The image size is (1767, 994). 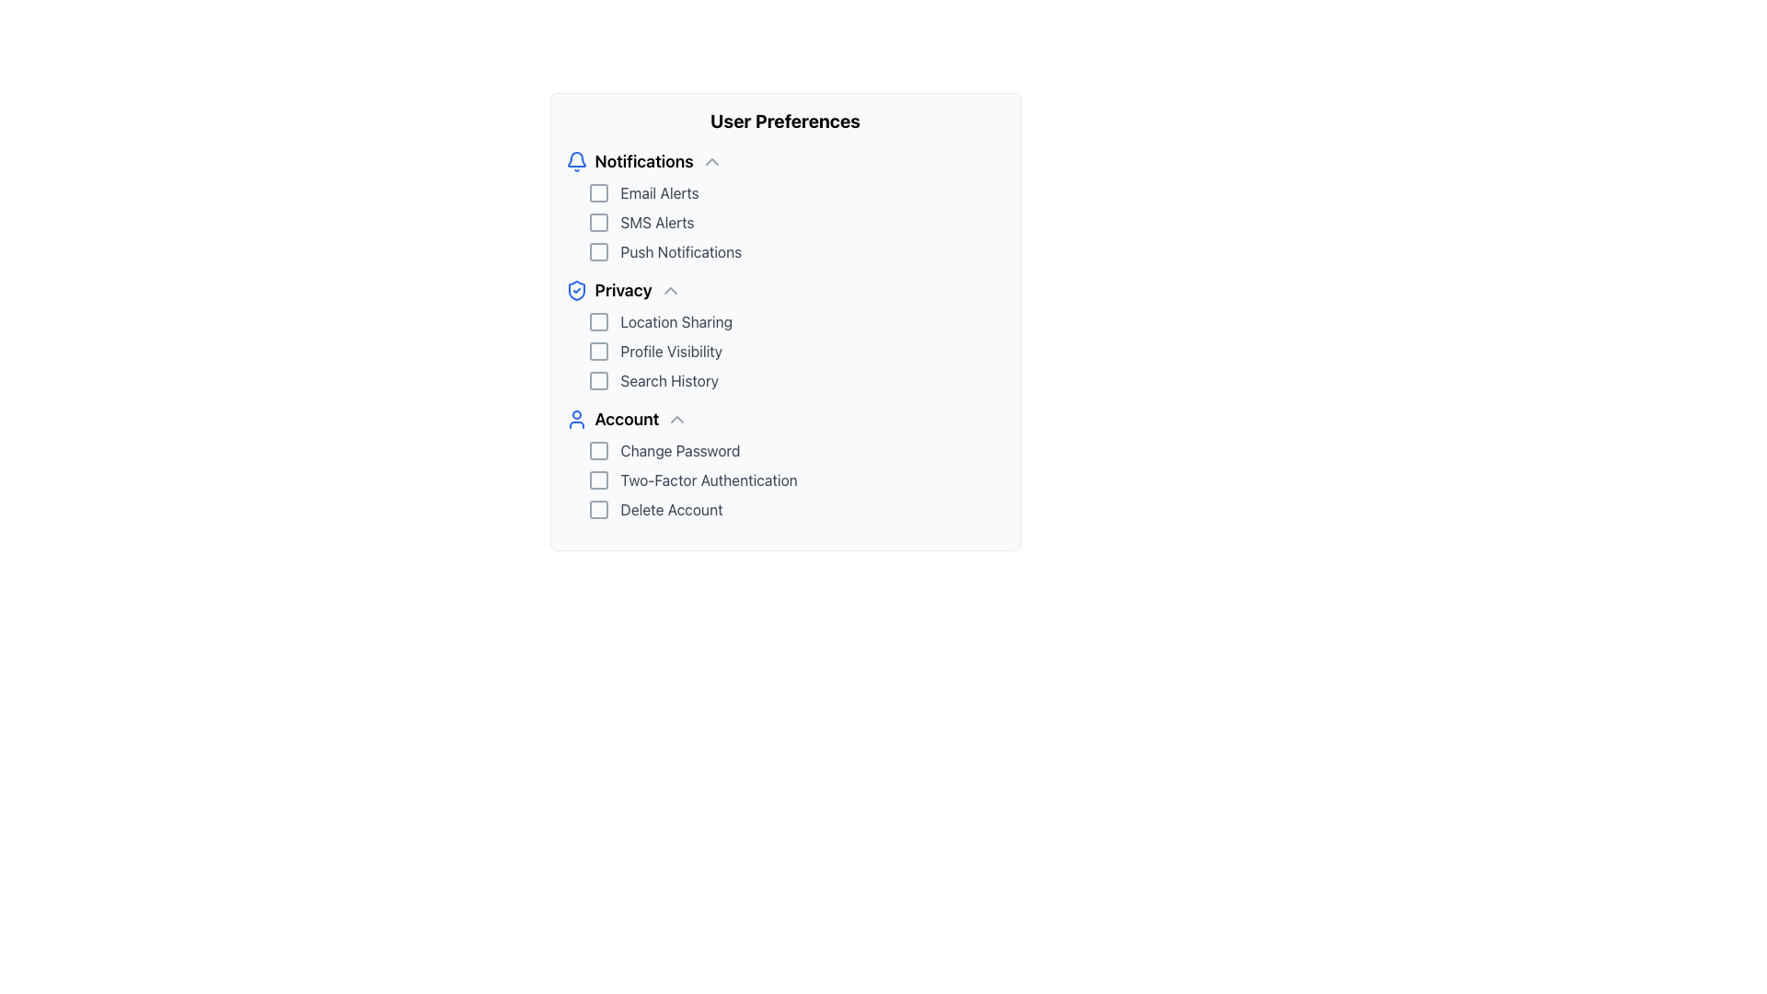 What do you see at coordinates (660, 192) in the screenshot?
I see `the 'Email Alerts' text label in the Notifications section of the User Preferences settings panel` at bounding box center [660, 192].